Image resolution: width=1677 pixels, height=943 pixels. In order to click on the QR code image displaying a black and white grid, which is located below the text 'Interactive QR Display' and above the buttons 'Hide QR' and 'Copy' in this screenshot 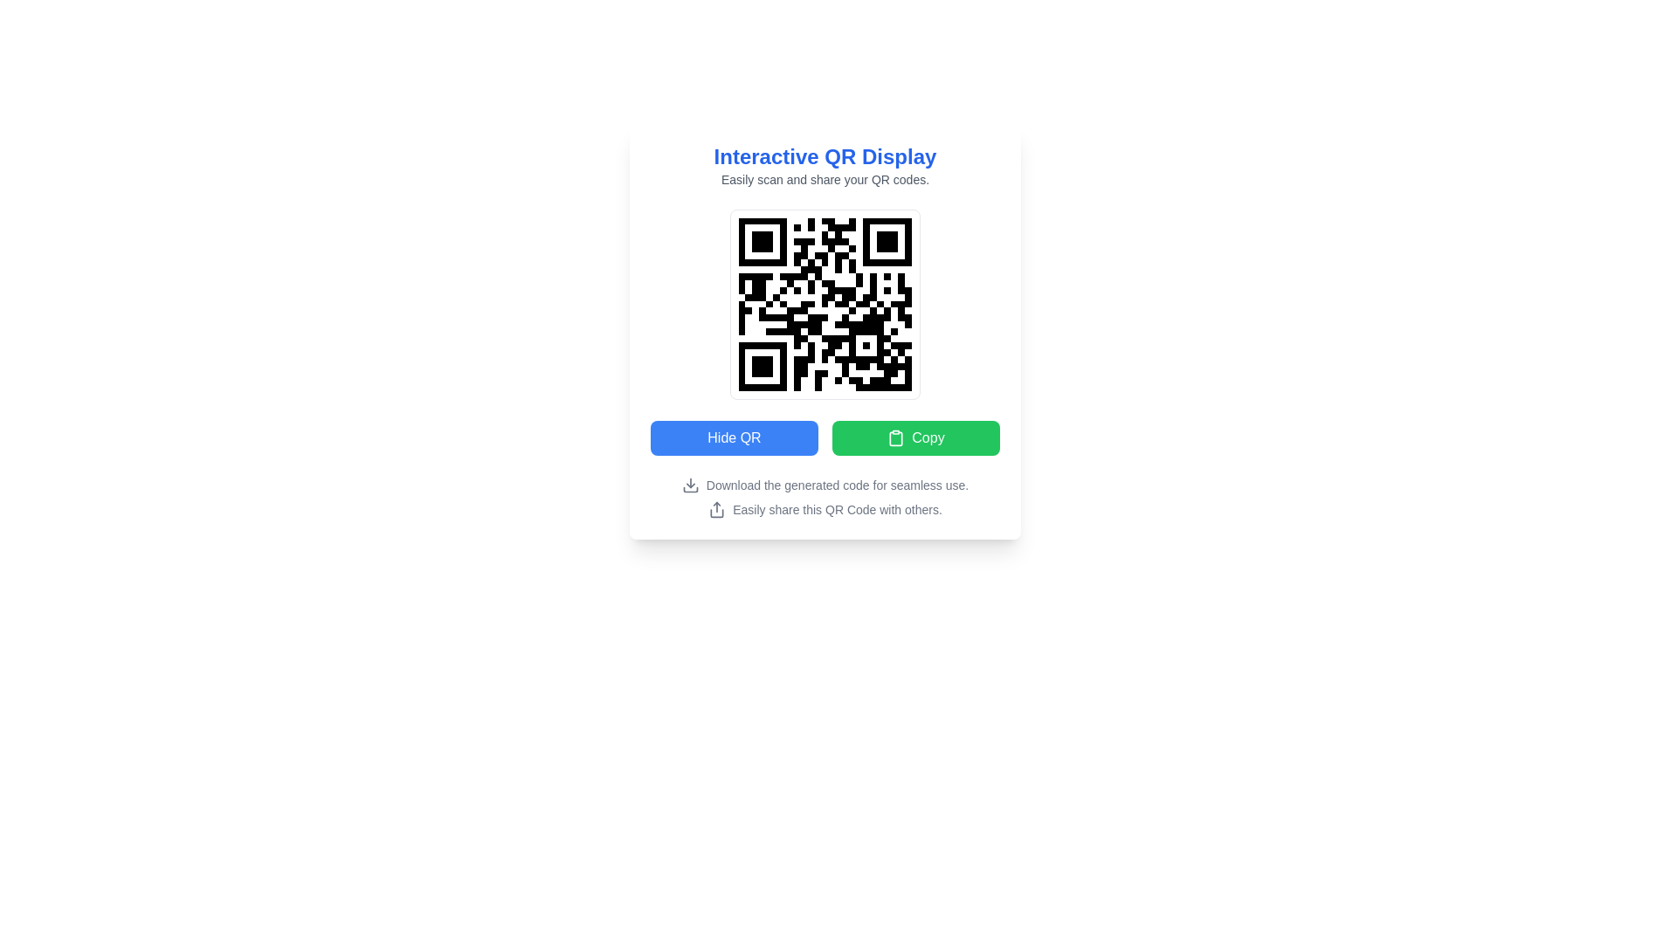, I will do `click(825, 303)`.